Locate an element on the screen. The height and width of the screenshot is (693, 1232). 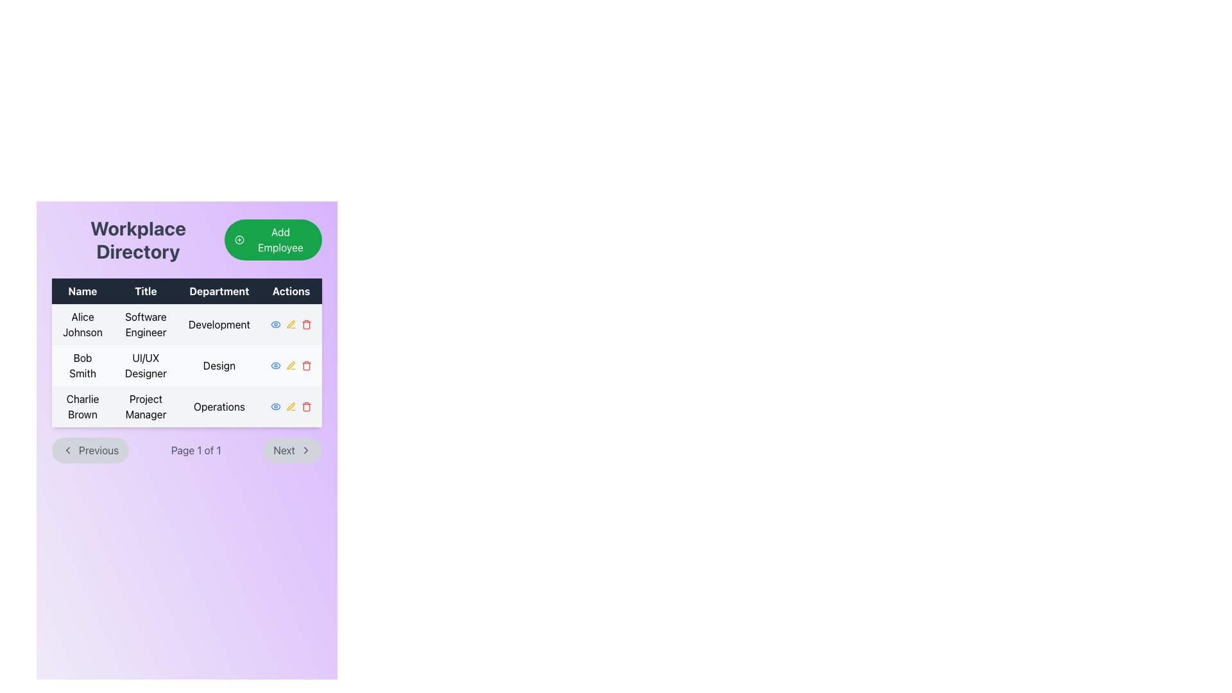
the static text label indicating the department for 'Charlie Brown' in the third row of the table is located at coordinates (219, 406).